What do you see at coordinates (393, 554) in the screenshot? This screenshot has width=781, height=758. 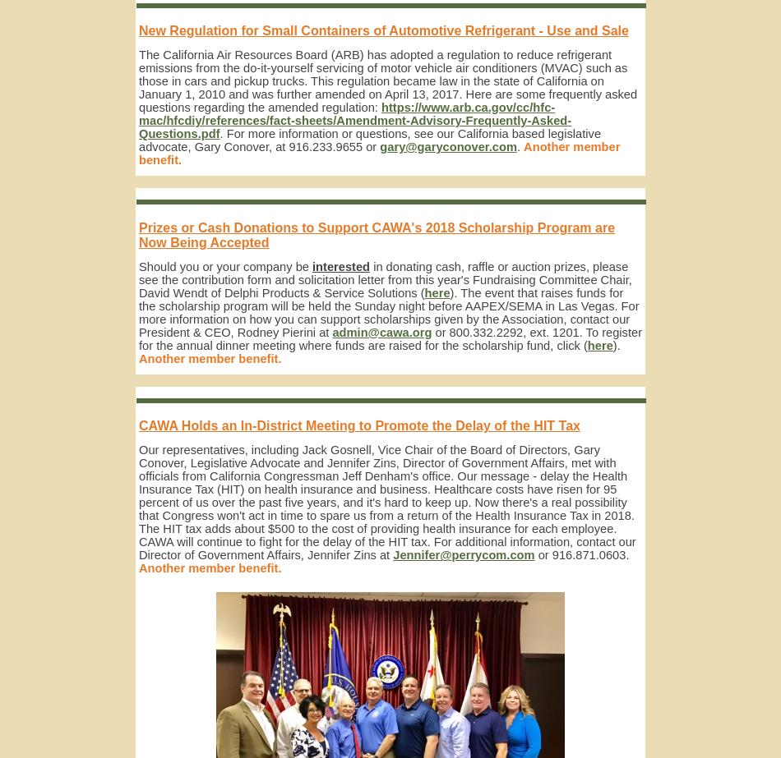 I see `'Jennifer@perrycom.com'` at bounding box center [393, 554].